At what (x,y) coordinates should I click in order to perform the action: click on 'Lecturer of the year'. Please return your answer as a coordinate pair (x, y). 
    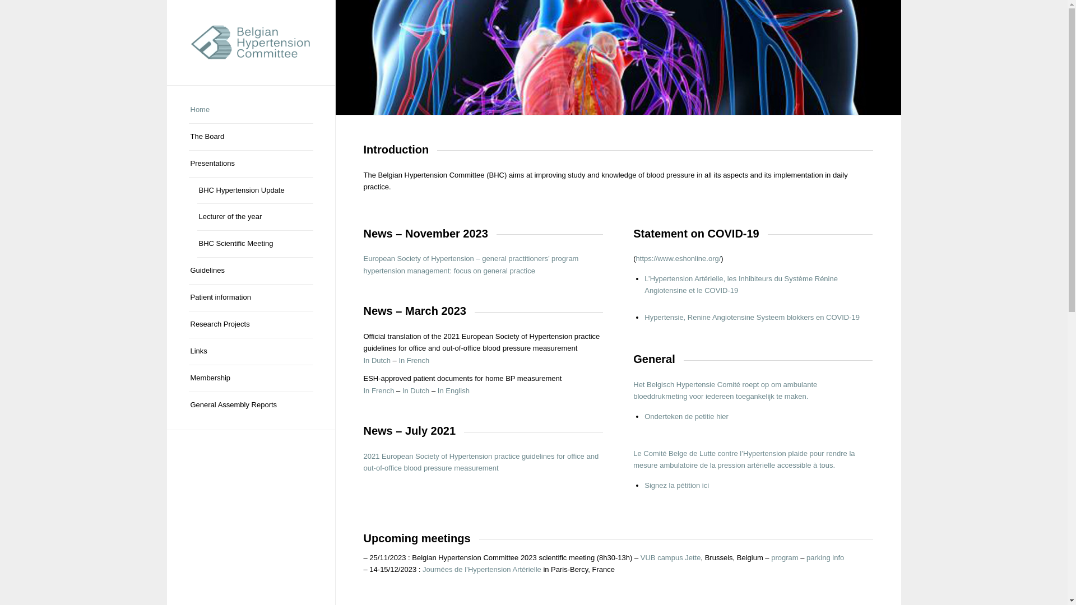
    Looking at the image, I should click on (254, 217).